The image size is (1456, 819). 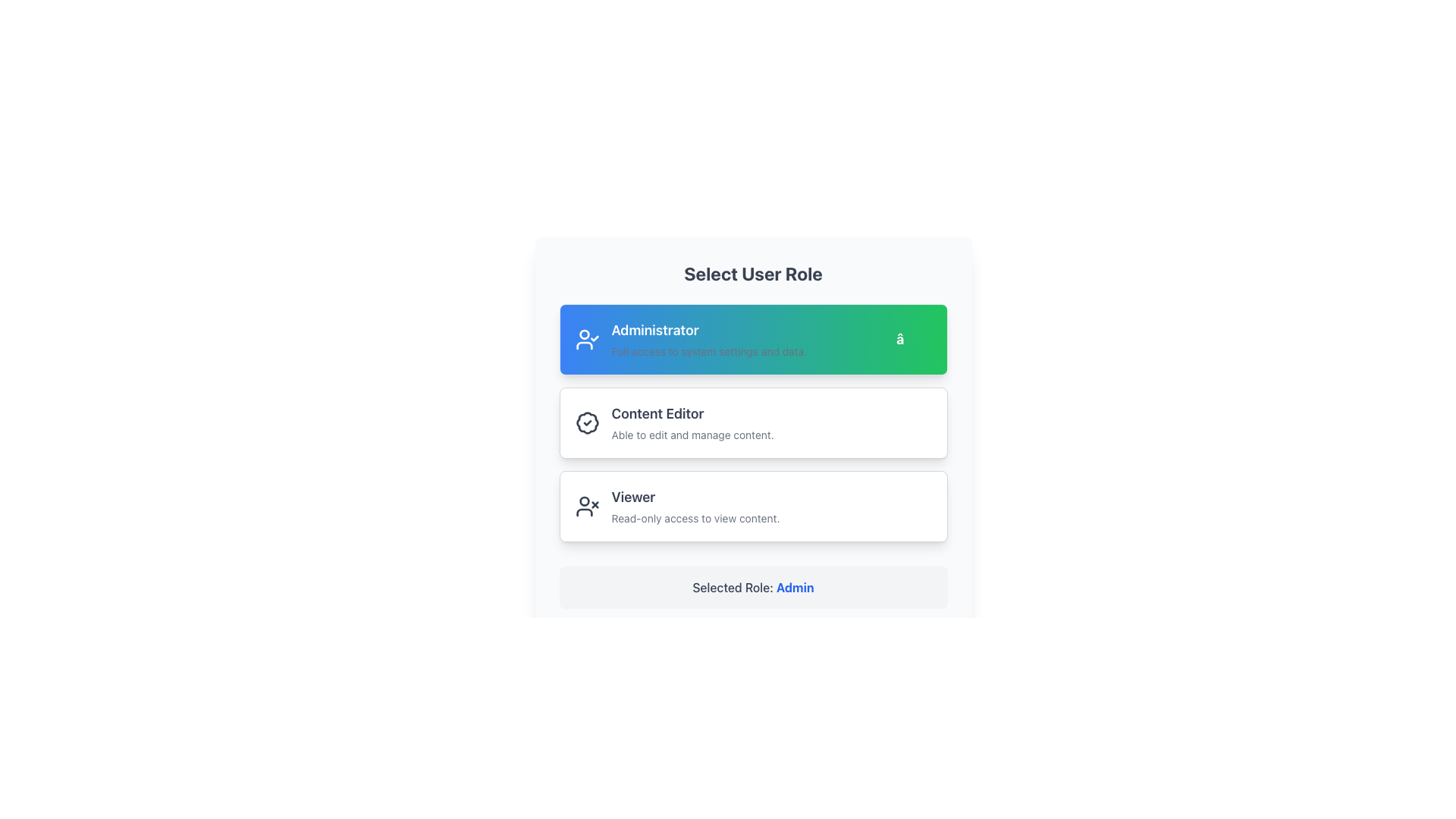 What do you see at coordinates (586, 506) in the screenshot?
I see `the SVG icon that represents the 'Viewer' role, located at the top-left inside the card labeled 'Viewer', which is the third card in the list under 'Select User Role'` at bounding box center [586, 506].